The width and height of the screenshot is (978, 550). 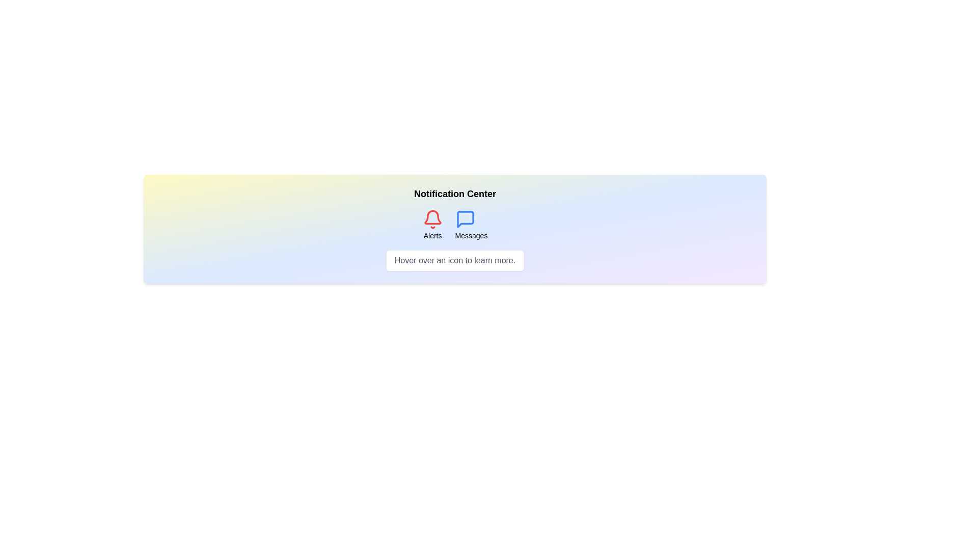 I want to click on the 'Messages' icon located in the notification center, so click(x=465, y=219).